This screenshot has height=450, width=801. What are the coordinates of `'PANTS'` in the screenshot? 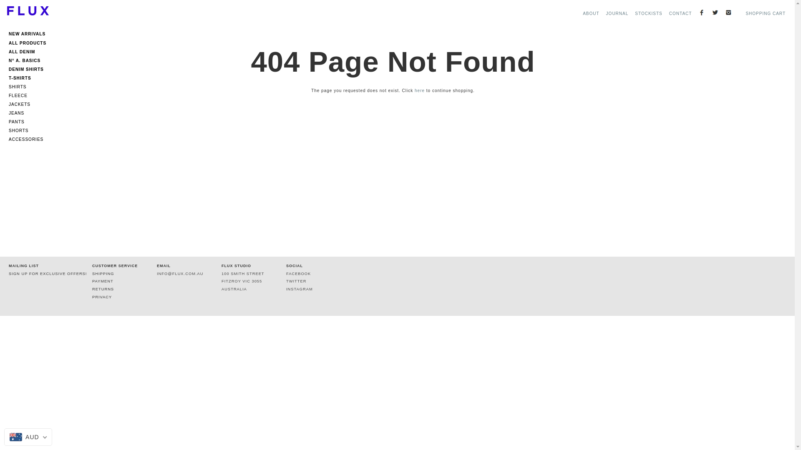 It's located at (8, 122).